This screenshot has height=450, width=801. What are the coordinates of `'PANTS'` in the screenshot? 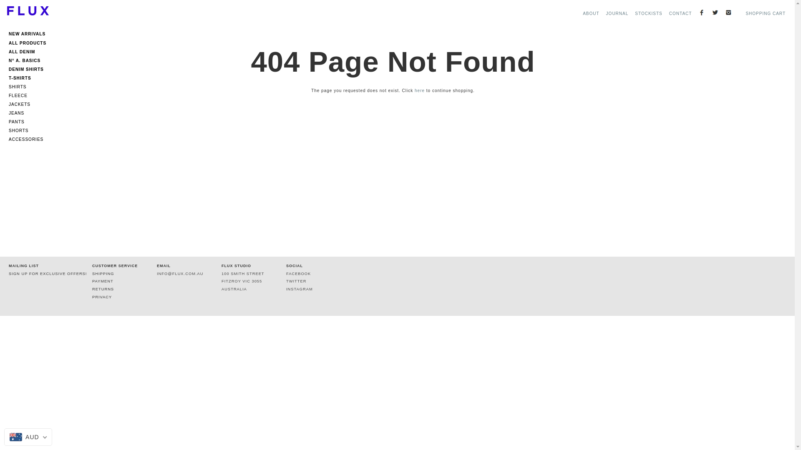 It's located at (8, 122).